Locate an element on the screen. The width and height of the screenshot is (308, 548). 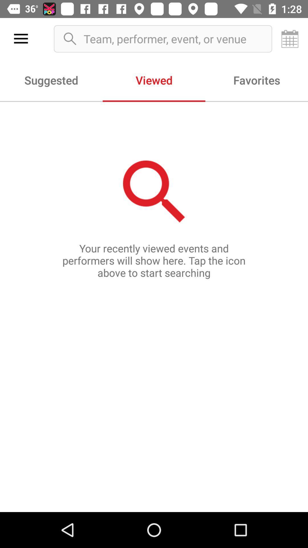
the icon below suggested is located at coordinates (154, 307).